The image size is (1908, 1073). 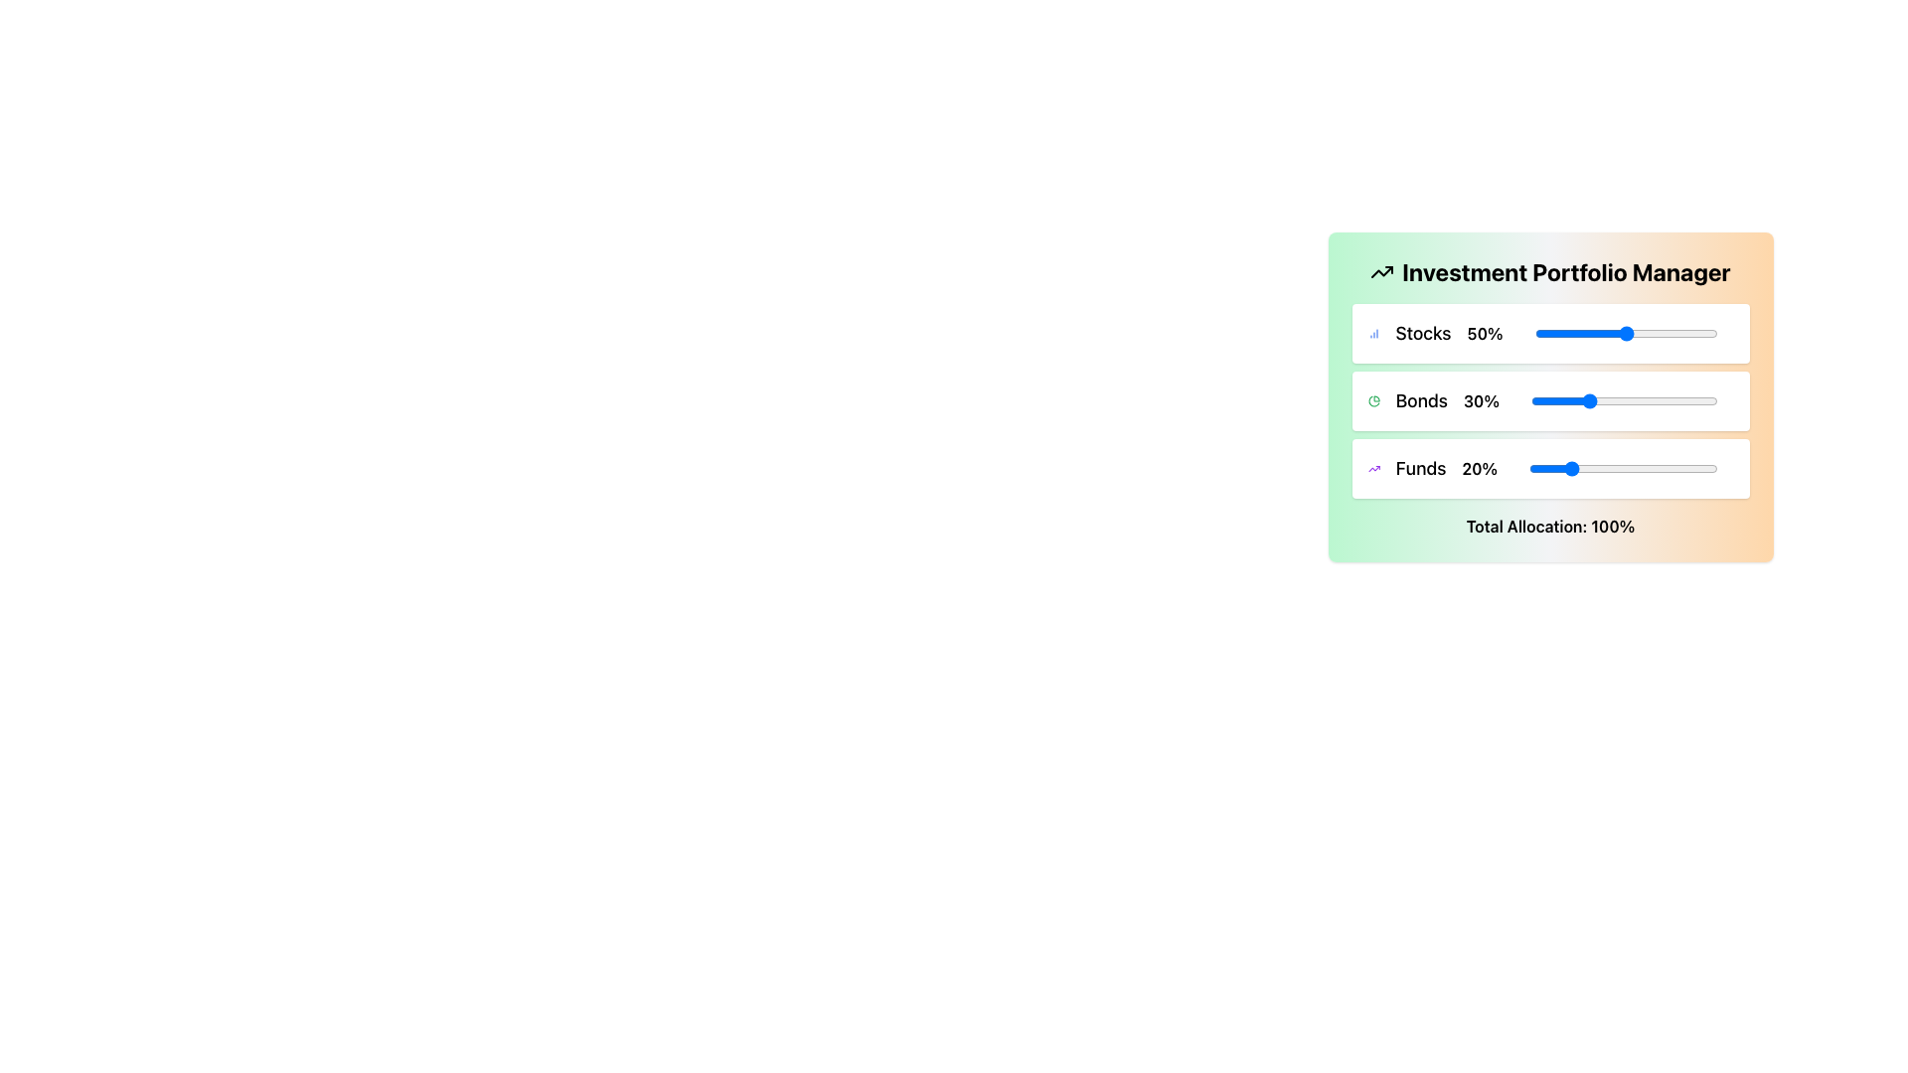 I want to click on the 'Funds' allocation, so click(x=1616, y=468).